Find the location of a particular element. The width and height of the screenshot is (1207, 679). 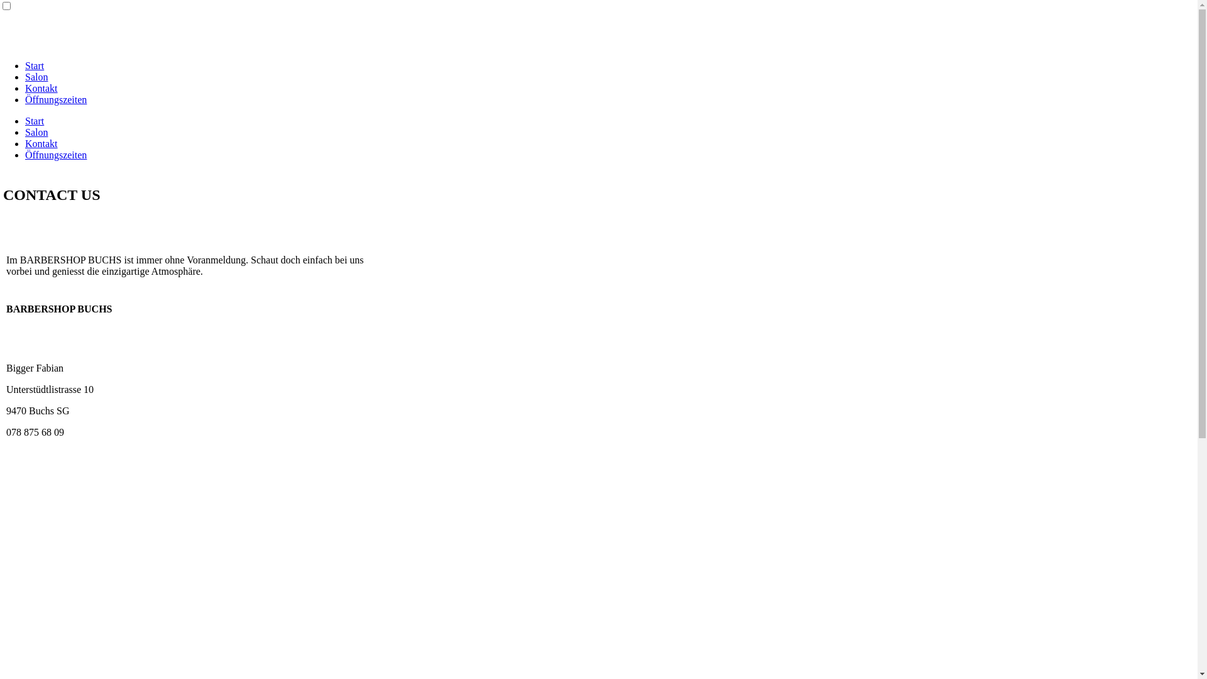

'Salon' is located at coordinates (36, 77).